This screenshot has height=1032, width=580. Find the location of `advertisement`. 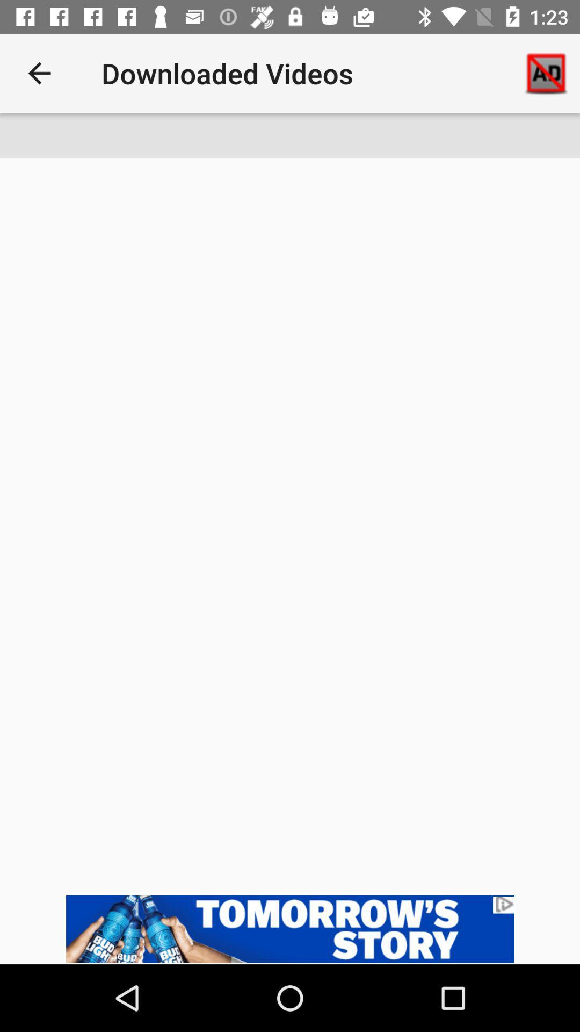

advertisement is located at coordinates (290, 928).